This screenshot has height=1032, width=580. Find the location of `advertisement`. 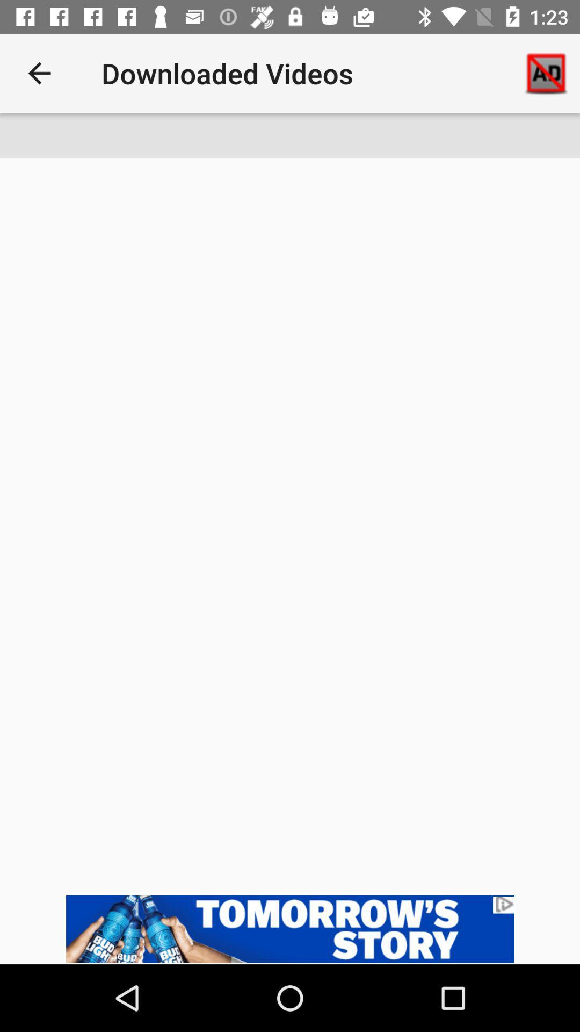

advertisement is located at coordinates (290, 928).